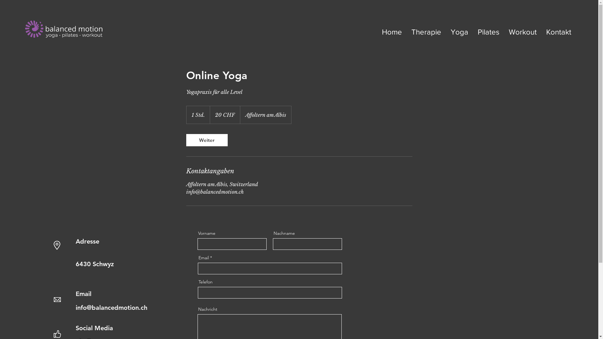 This screenshot has width=603, height=339. I want to click on 'Therapie', so click(426, 32).